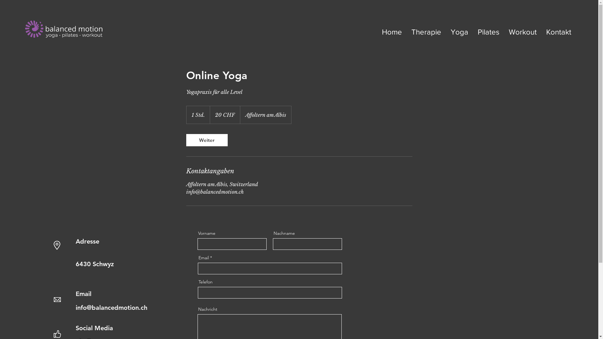 This screenshot has width=603, height=339. I want to click on 'Therapie', so click(426, 32).